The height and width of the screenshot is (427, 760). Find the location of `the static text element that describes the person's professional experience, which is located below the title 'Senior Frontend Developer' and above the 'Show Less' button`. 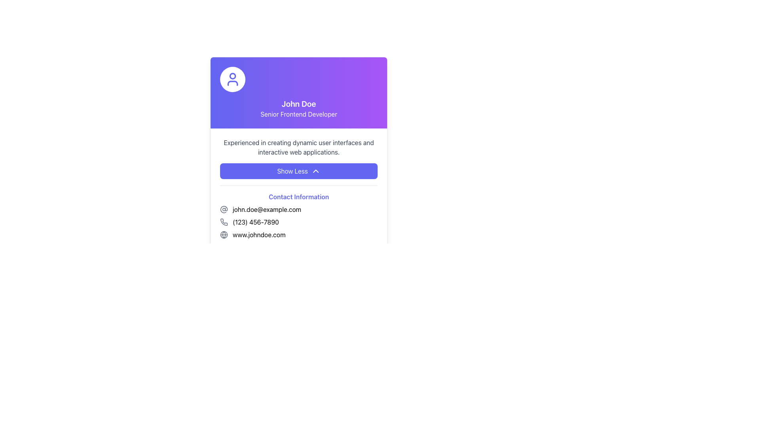

the static text element that describes the person's professional experience, which is located below the title 'Senior Frontend Developer' and above the 'Show Less' button is located at coordinates (298, 147).